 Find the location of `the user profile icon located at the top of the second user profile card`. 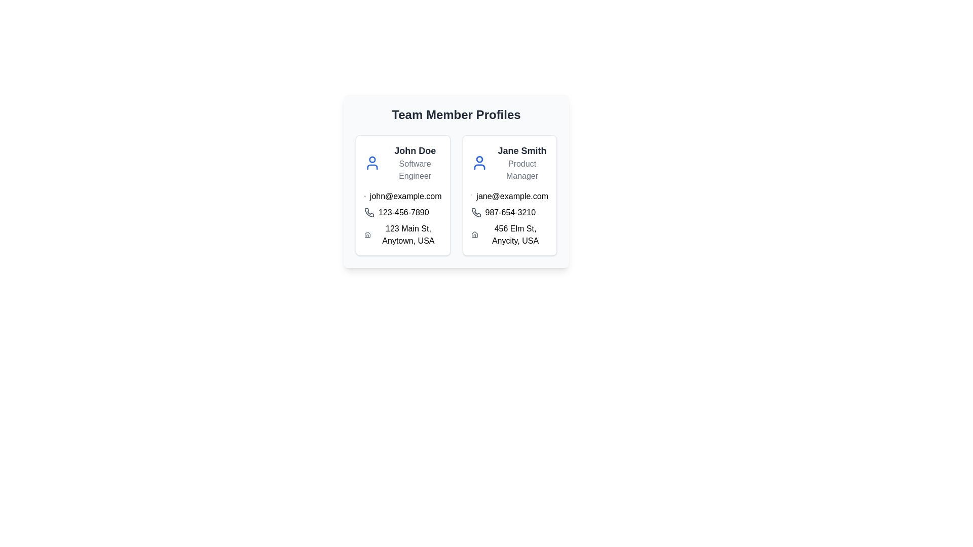

the user profile icon located at the top of the second user profile card is located at coordinates (479, 162).